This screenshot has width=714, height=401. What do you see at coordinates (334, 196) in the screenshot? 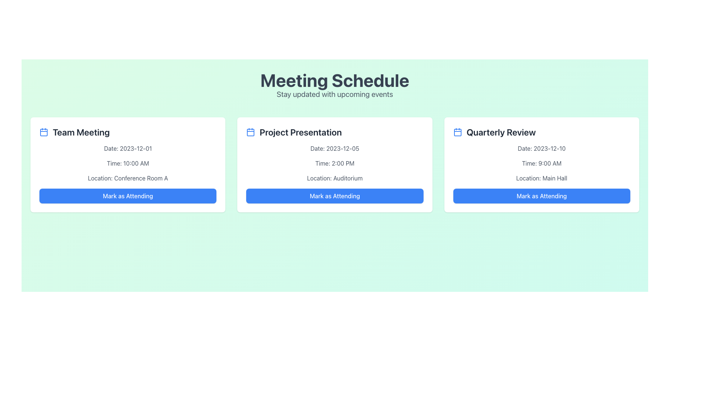
I see `the blue 'Mark as Attending' button with white text located at the bottom of the 'Project Presentation' card` at bounding box center [334, 196].